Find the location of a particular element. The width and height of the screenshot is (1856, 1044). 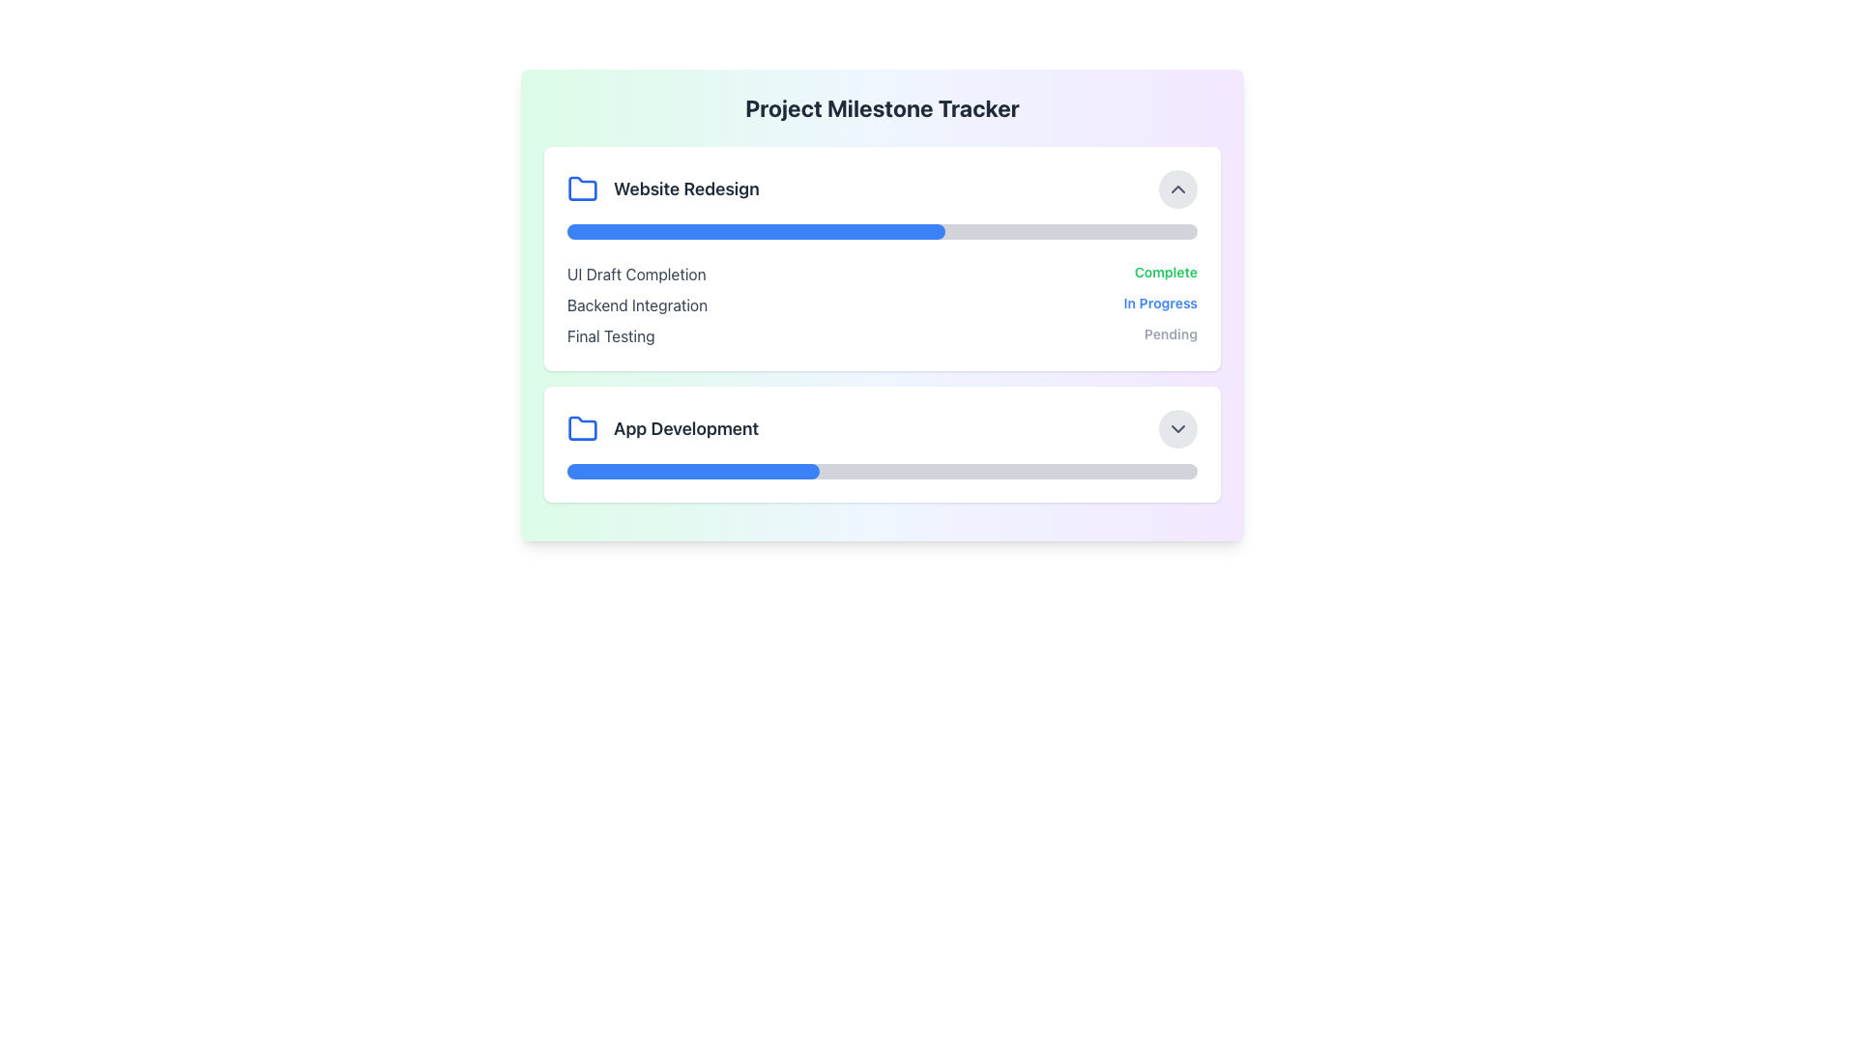

the Text Label indicating the status of the 'Backend Integration' task, which shows 'In Progress.' is located at coordinates (1160, 304).